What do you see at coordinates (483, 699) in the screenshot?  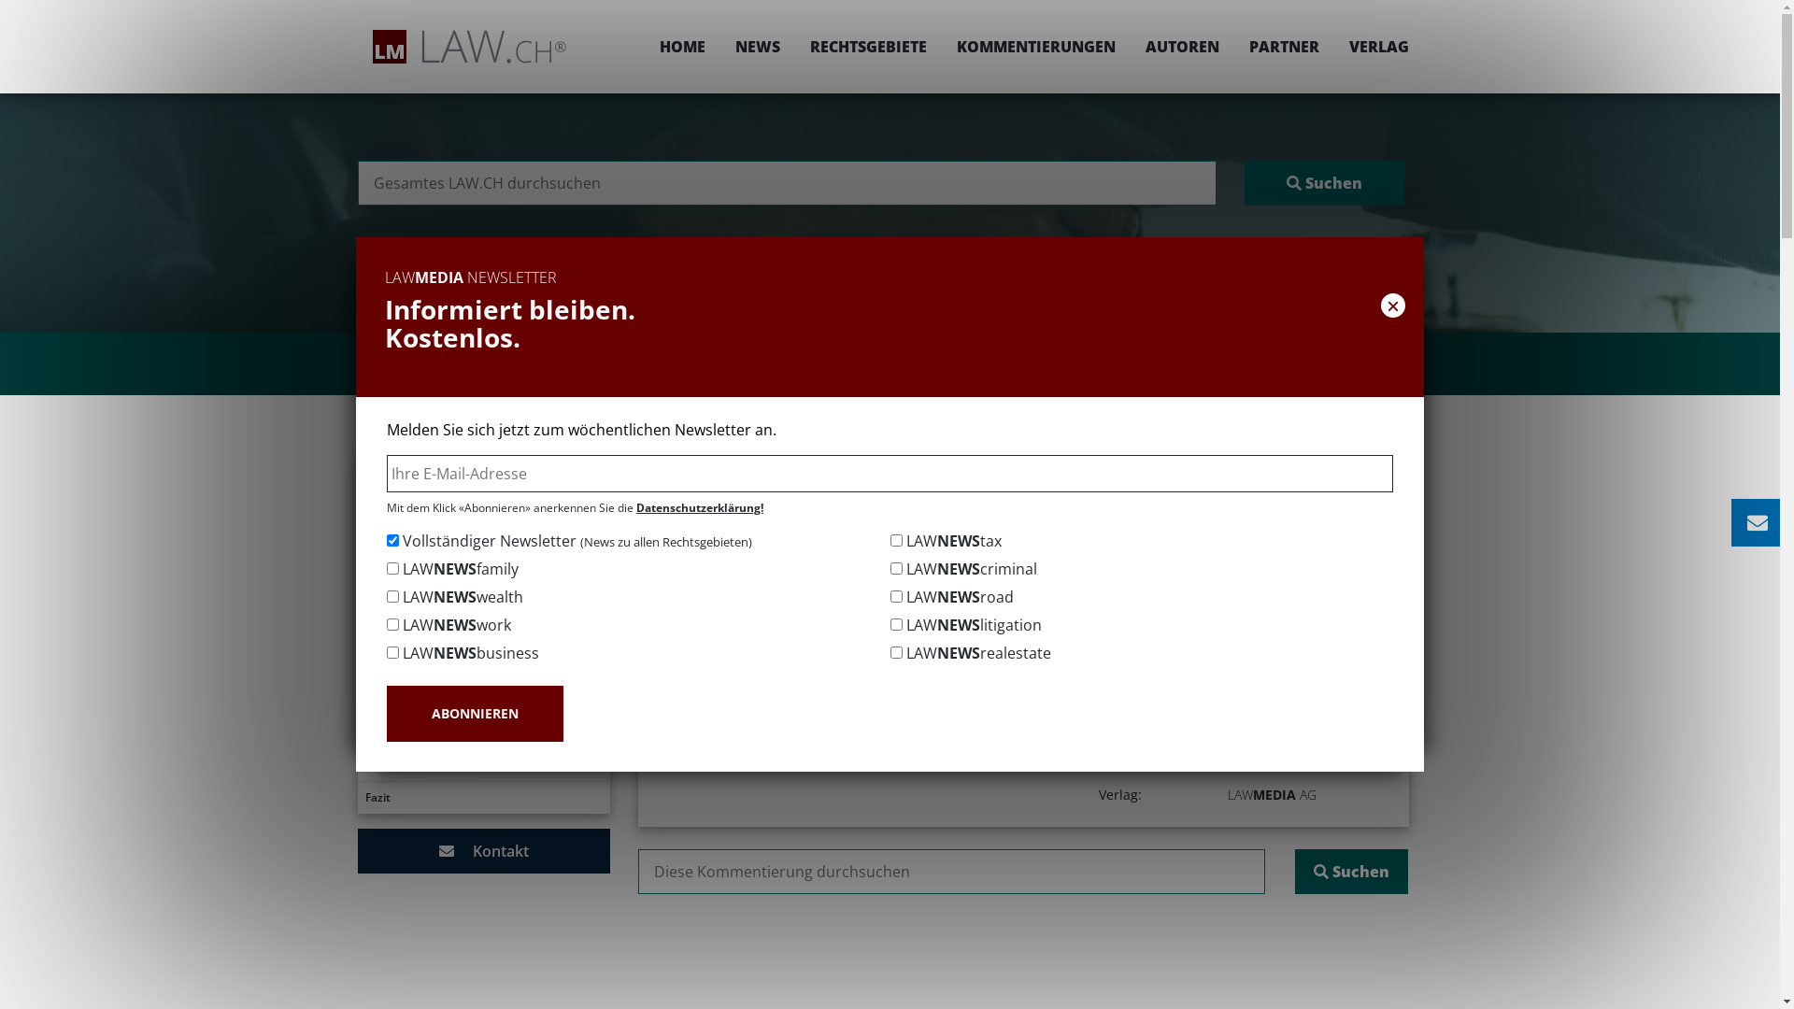 I see `'Verwendung der Begriffe'` at bounding box center [483, 699].